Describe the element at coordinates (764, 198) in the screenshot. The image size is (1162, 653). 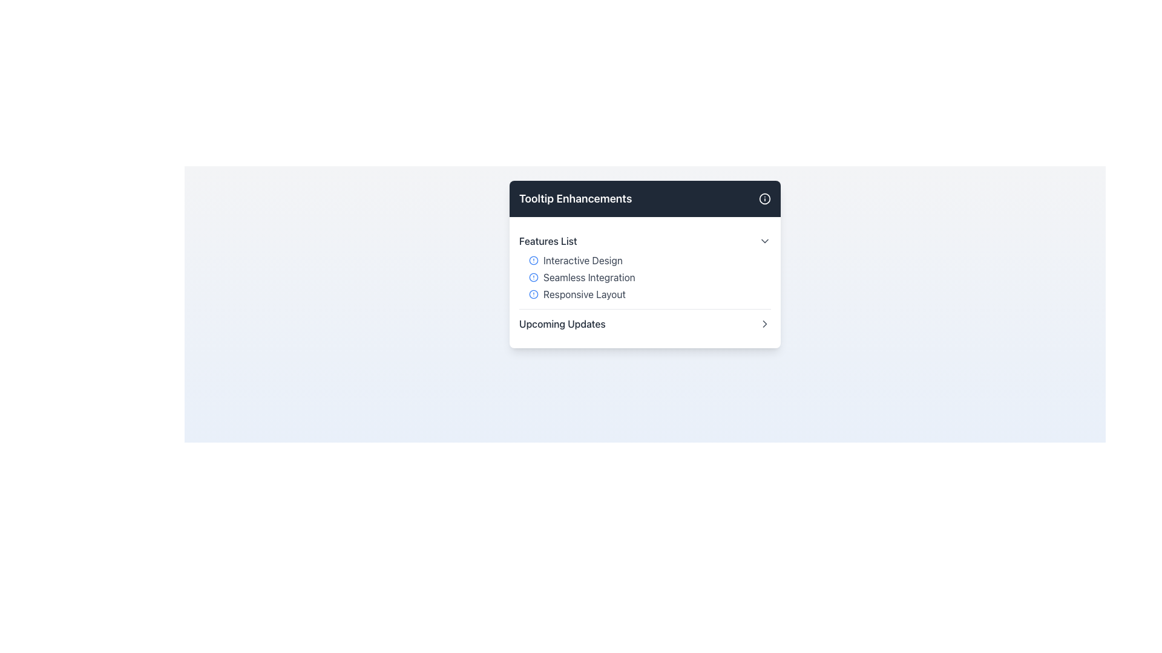
I see `the interactive icon button located to the far-right of the 'Tooltip Enhancements' text in the header bar` at that location.